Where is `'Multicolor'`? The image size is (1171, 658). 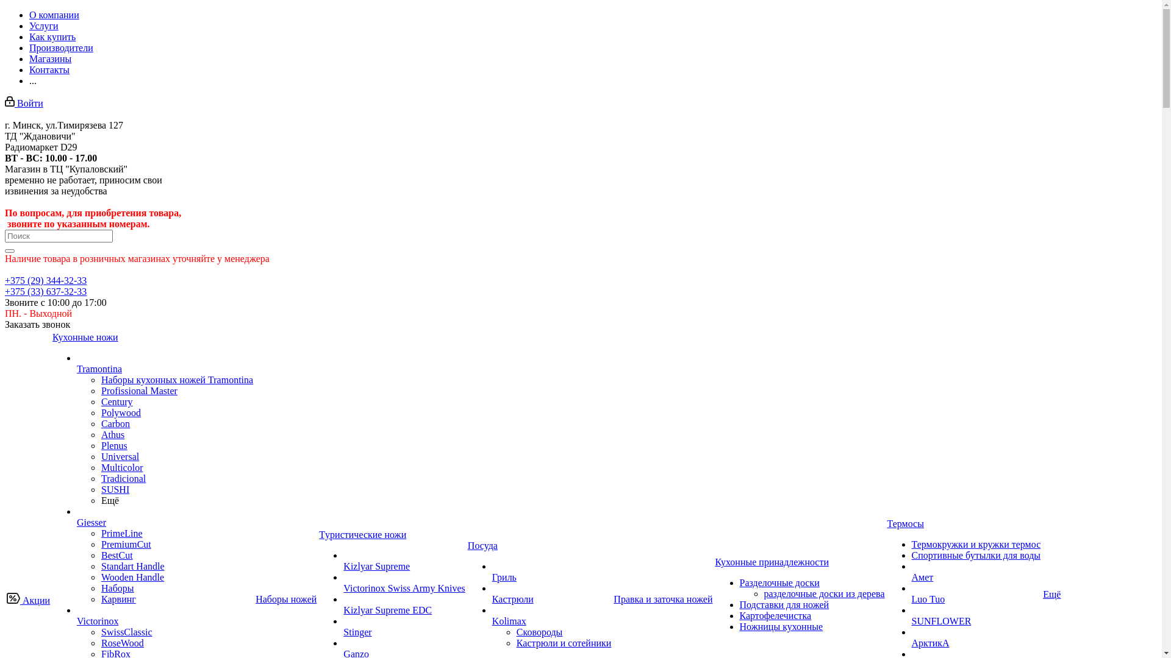
'Multicolor' is located at coordinates (122, 467).